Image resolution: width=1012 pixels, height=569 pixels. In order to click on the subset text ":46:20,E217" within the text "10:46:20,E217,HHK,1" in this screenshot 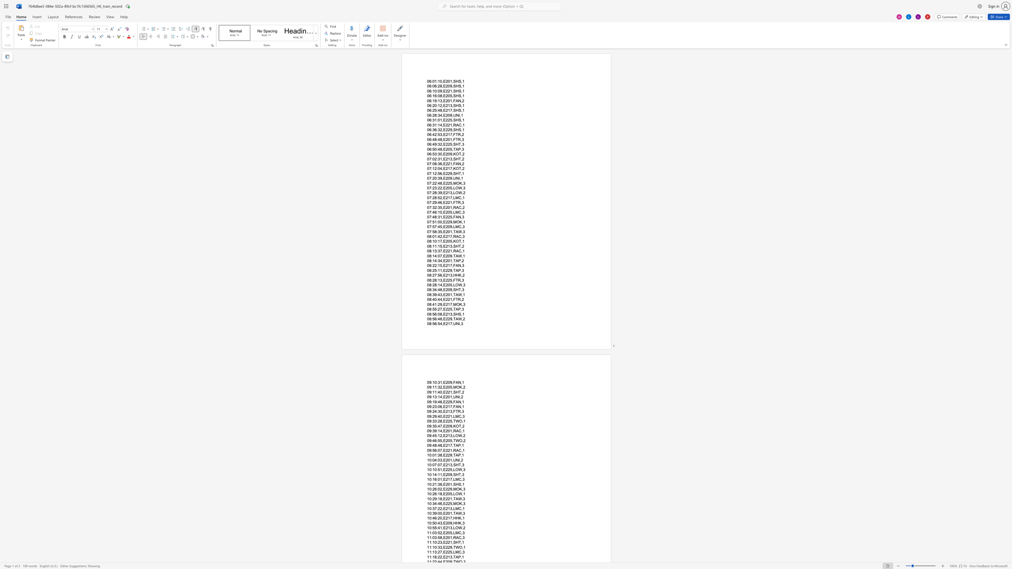, I will do `click(431, 518)`.